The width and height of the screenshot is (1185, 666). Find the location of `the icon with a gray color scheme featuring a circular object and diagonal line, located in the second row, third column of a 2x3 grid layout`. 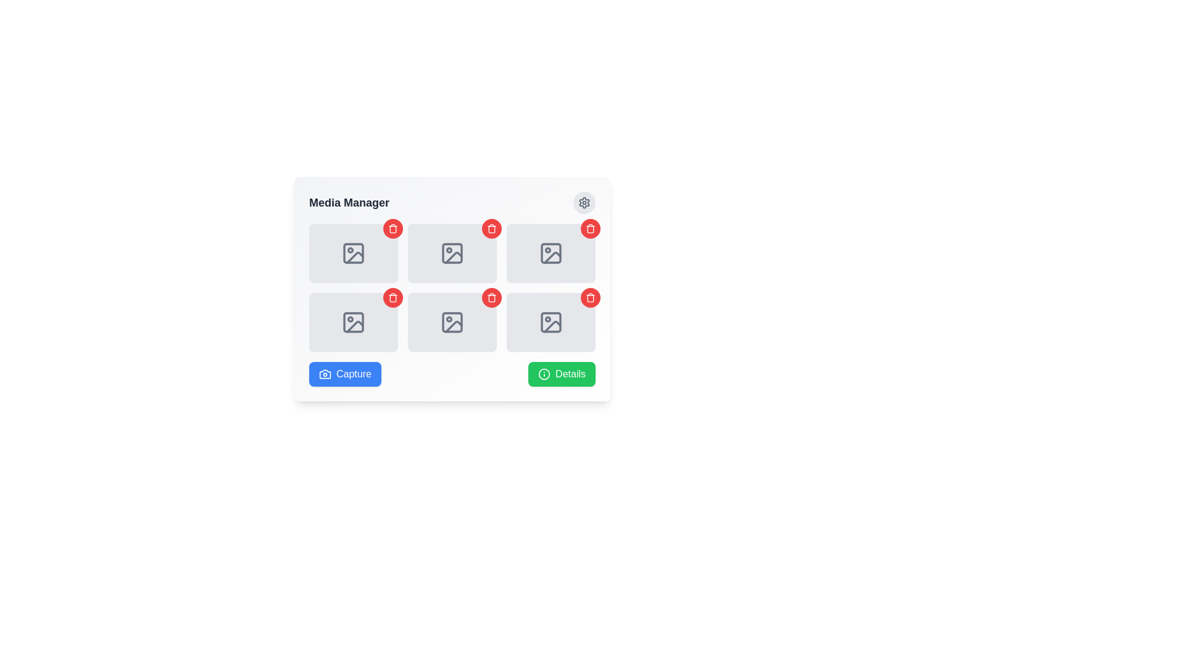

the icon with a gray color scheme featuring a circular object and diagonal line, located in the second row, third column of a 2x3 grid layout is located at coordinates (550, 253).